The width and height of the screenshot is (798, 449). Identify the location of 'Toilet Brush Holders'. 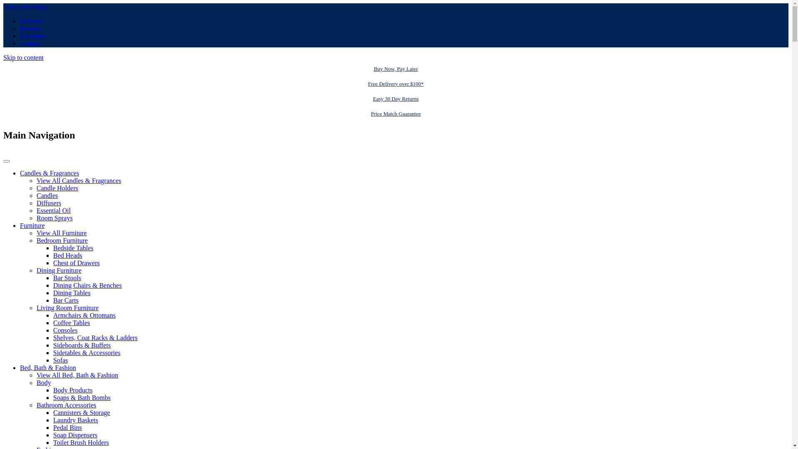
(81, 442).